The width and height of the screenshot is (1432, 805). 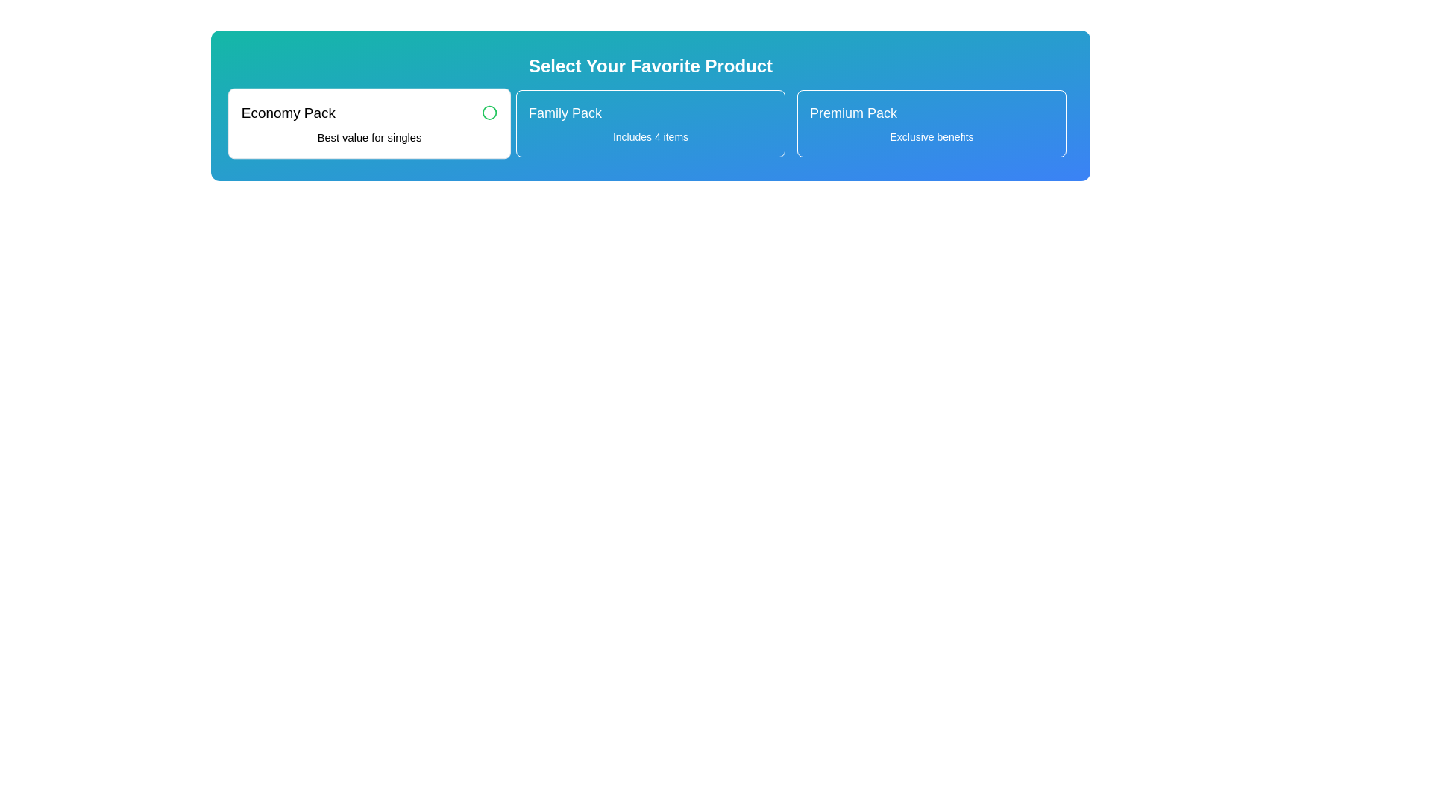 What do you see at coordinates (650, 122) in the screenshot?
I see `on the 'Family Pack' selectable card, which is the second card in a grid layout of options` at bounding box center [650, 122].